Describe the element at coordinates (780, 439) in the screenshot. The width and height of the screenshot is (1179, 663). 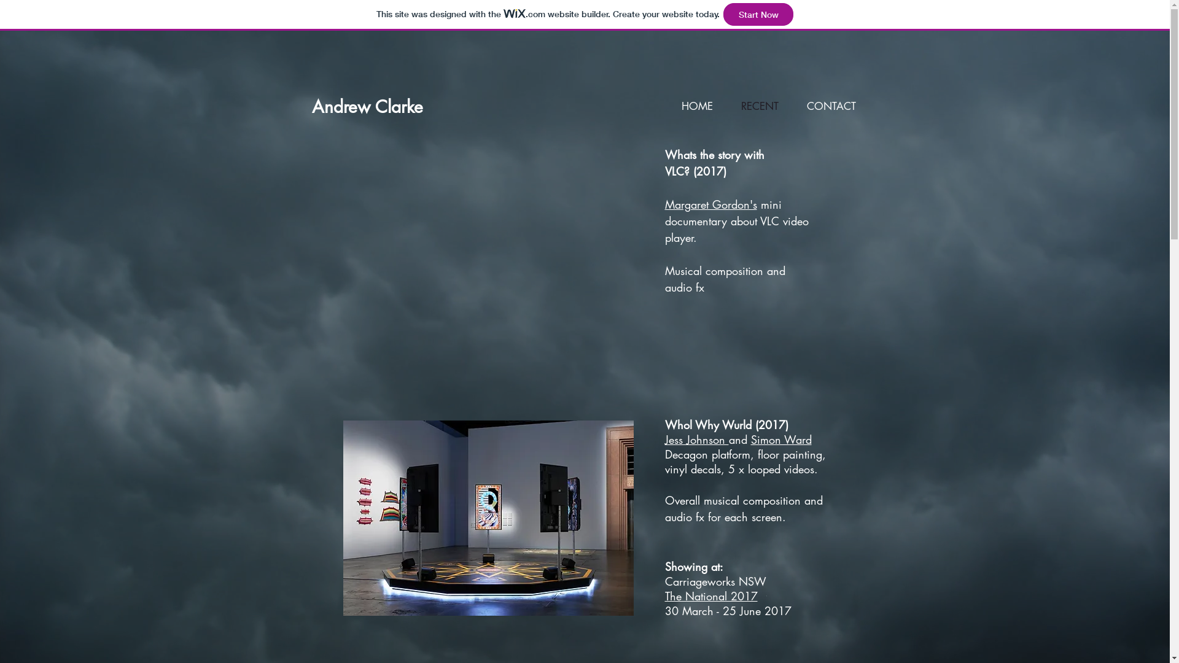
I see `'Simon Ward'` at that location.